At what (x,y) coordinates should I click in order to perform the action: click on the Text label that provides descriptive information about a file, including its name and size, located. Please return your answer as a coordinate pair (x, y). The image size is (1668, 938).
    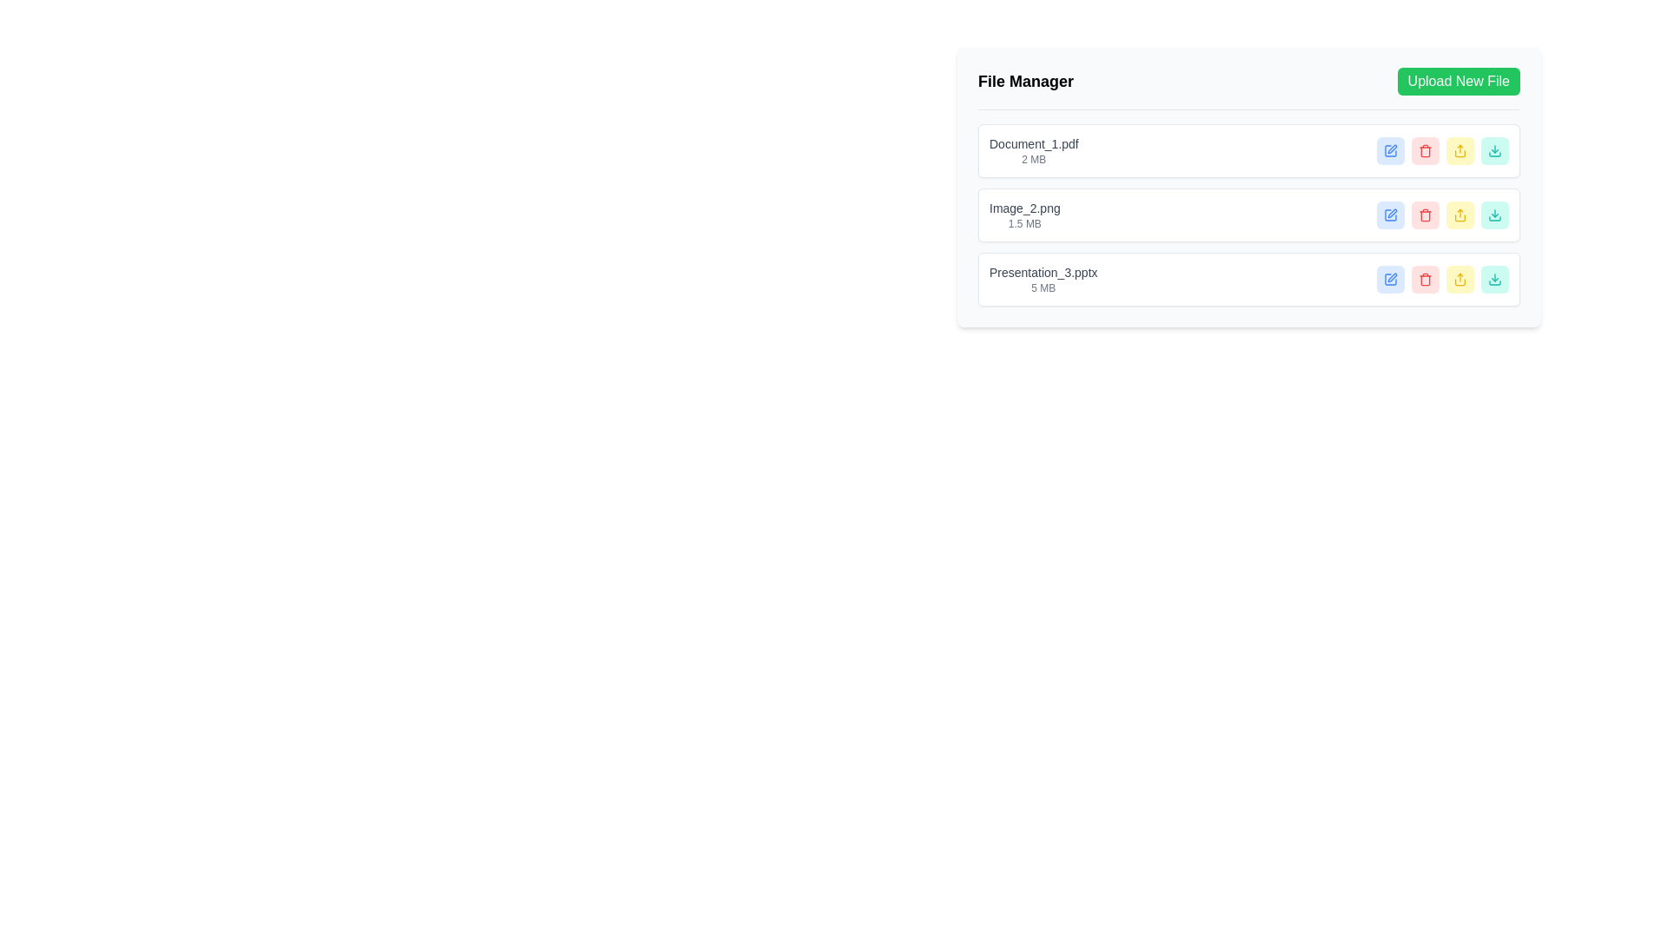
    Looking at the image, I should click on (1024, 214).